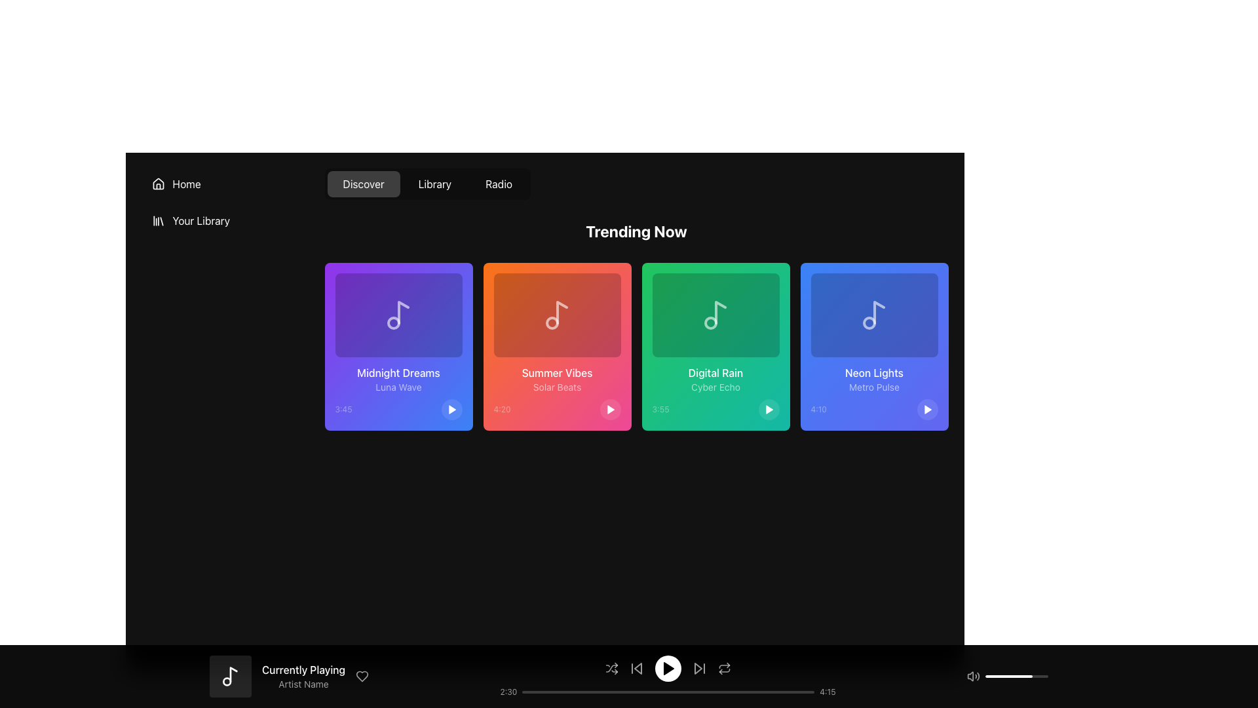  What do you see at coordinates (660, 408) in the screenshot?
I see `the textual label displaying the time '3:55' within the green card labeled 'Digital Rain'` at bounding box center [660, 408].